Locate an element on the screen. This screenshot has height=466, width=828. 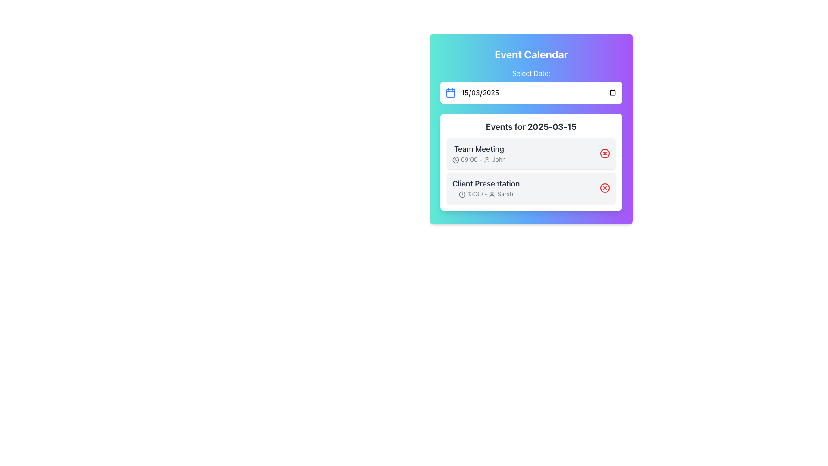
the text label displaying '09:00 - John' with associated icons for a clock and a user, located beneath 'Team Meeting' in the calendar interface is located at coordinates (478, 160).